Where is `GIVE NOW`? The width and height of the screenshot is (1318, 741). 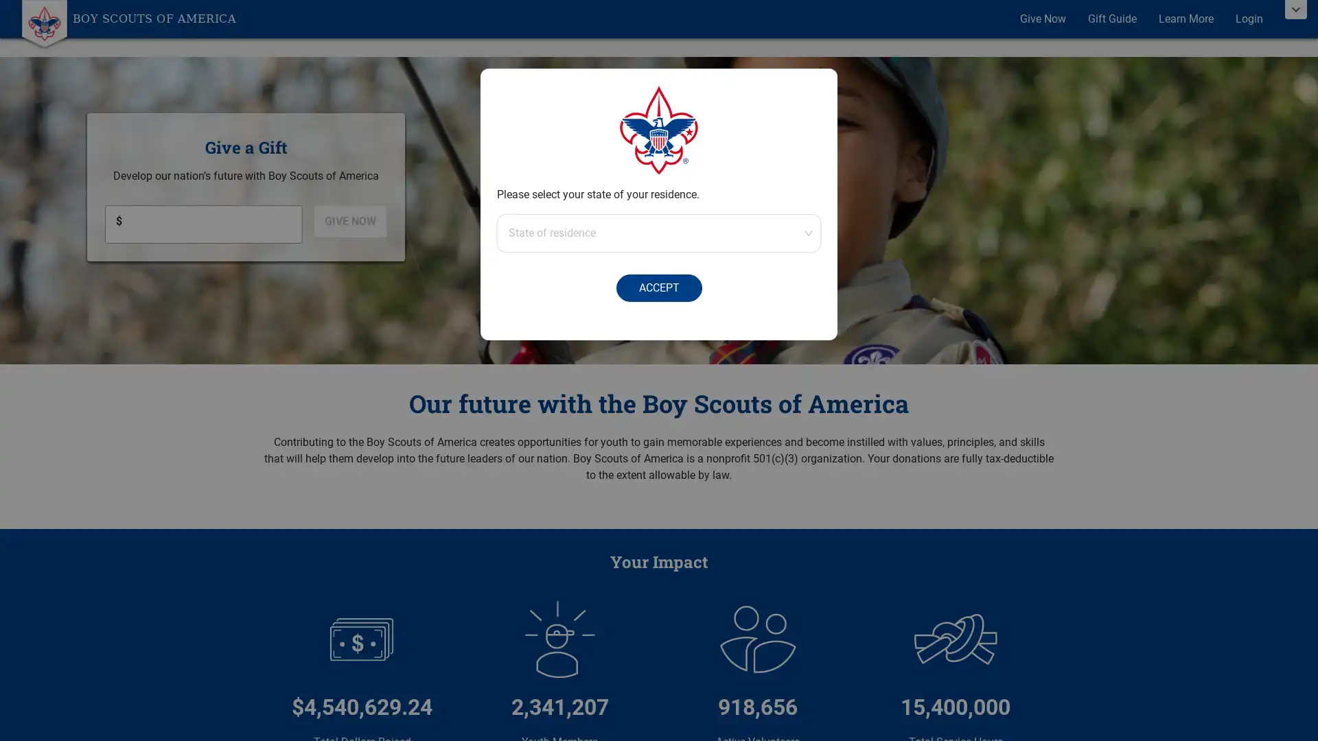
GIVE NOW is located at coordinates (350, 221).